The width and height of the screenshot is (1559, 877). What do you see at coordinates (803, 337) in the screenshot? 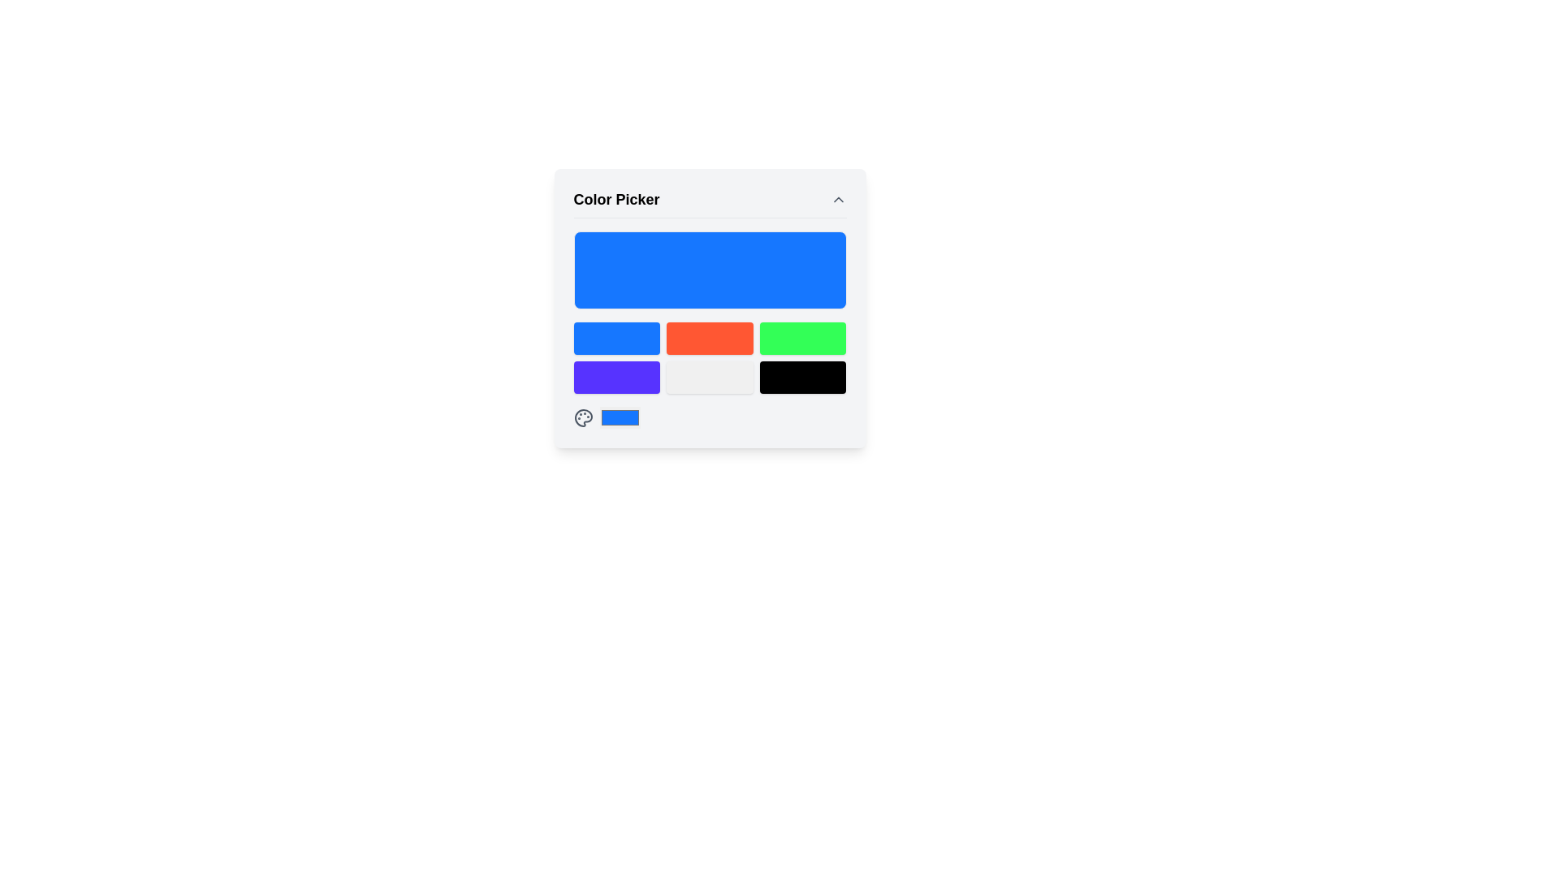
I see `the vibrant green button, which is the third button in the first row of a 3x2 grid layout` at bounding box center [803, 337].